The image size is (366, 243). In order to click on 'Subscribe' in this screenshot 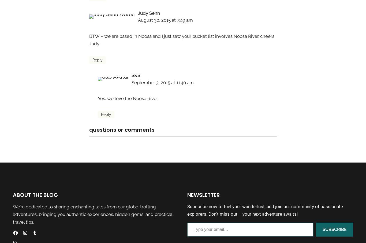, I will do `click(334, 229)`.